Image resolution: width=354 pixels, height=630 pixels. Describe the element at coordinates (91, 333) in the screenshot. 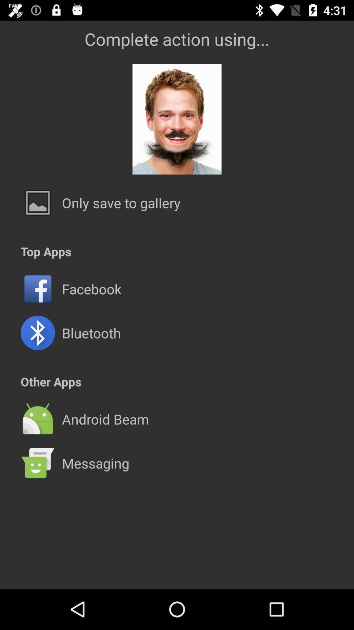

I see `bluetooth icon` at that location.